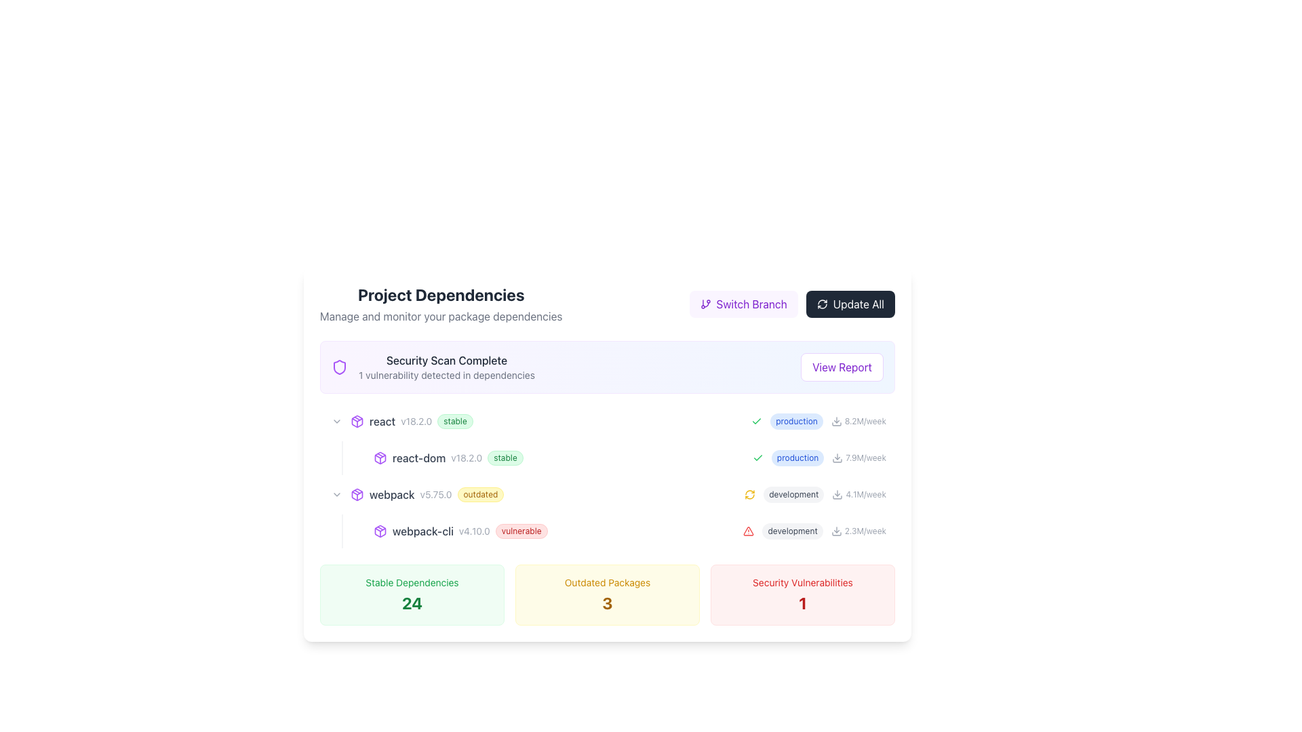 This screenshot has height=732, width=1302. I want to click on the Text display that indicates the completion of a security scan, which is located below the 'Project Dependencies' heading and aligned with the 'View Report' button, so click(446, 367).